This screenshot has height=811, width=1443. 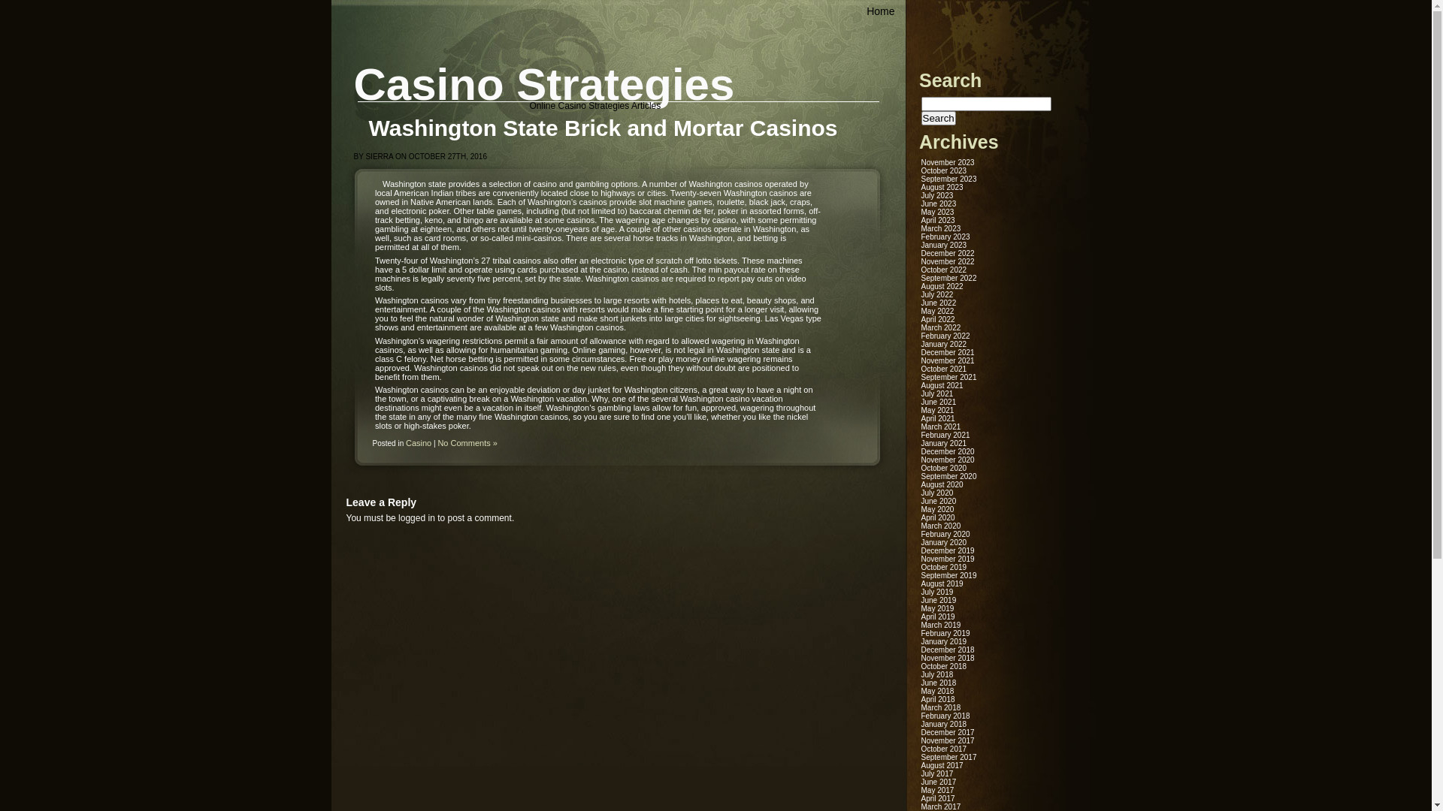 I want to click on 'February 2023', so click(x=945, y=237).